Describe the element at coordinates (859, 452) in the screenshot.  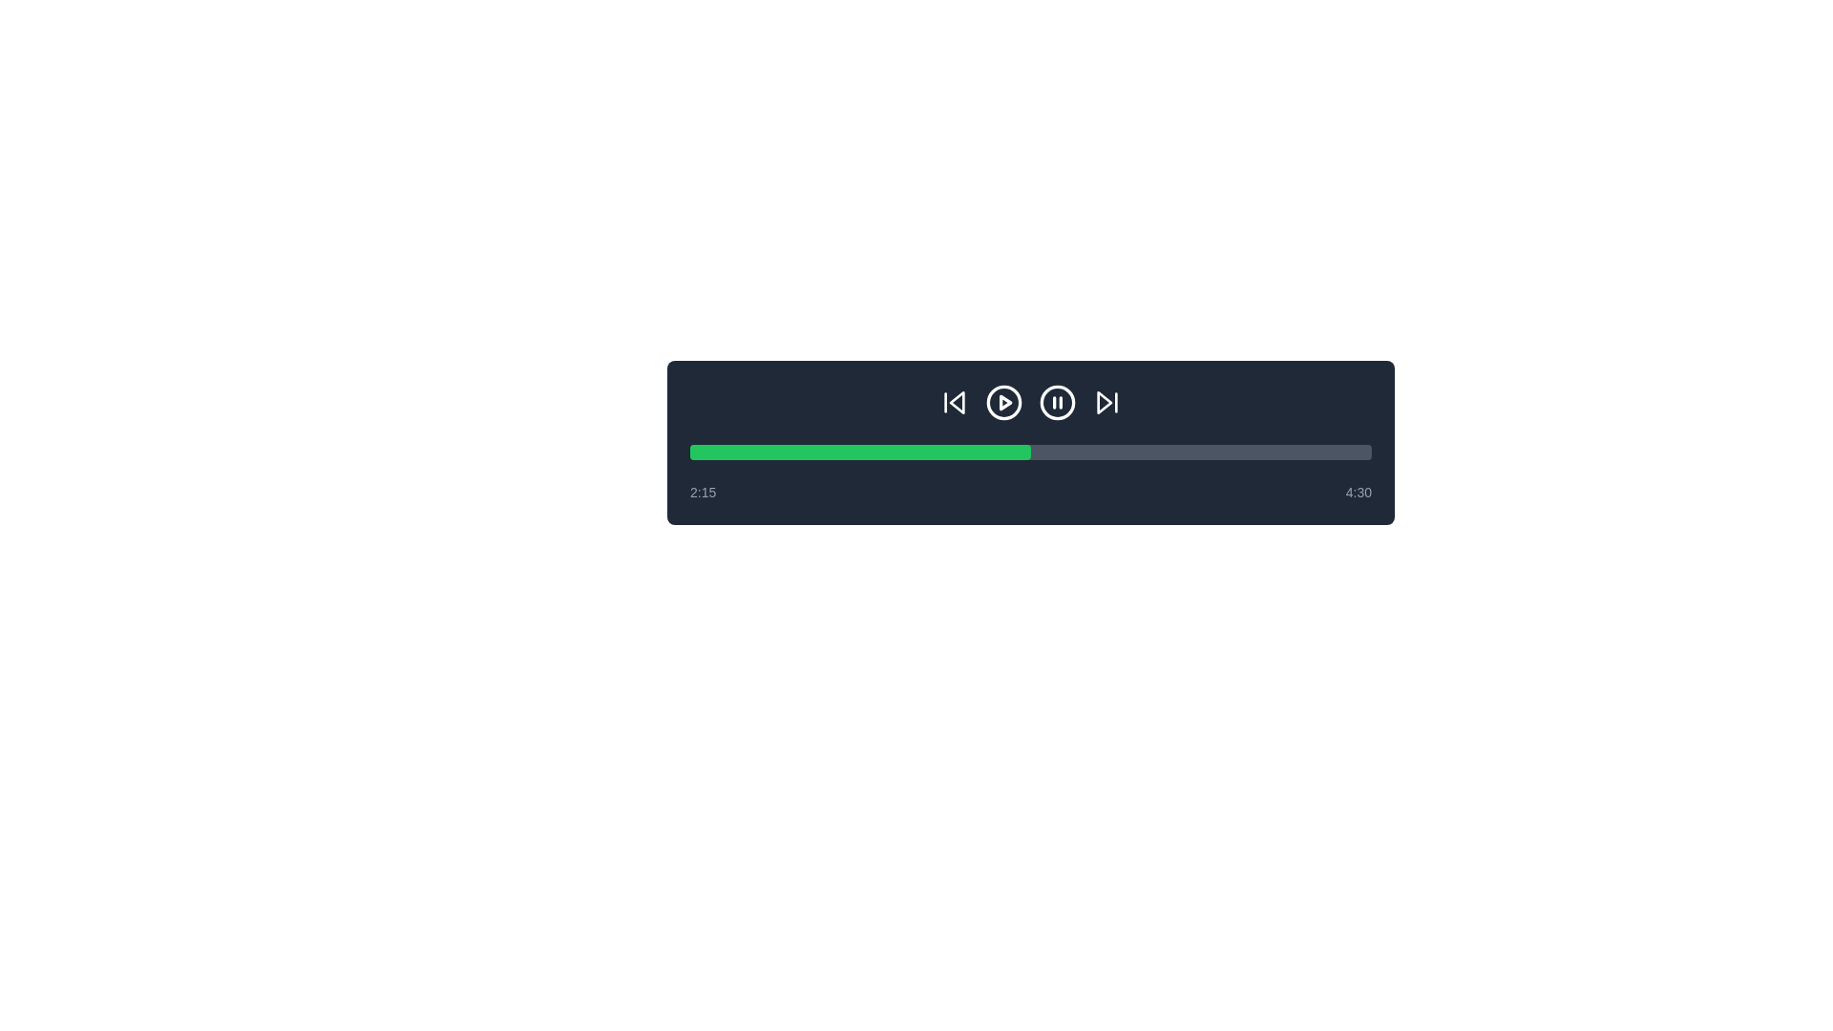
I see `the green progress bar in the bottom section of the media player interface to observe the media playback progress` at that location.